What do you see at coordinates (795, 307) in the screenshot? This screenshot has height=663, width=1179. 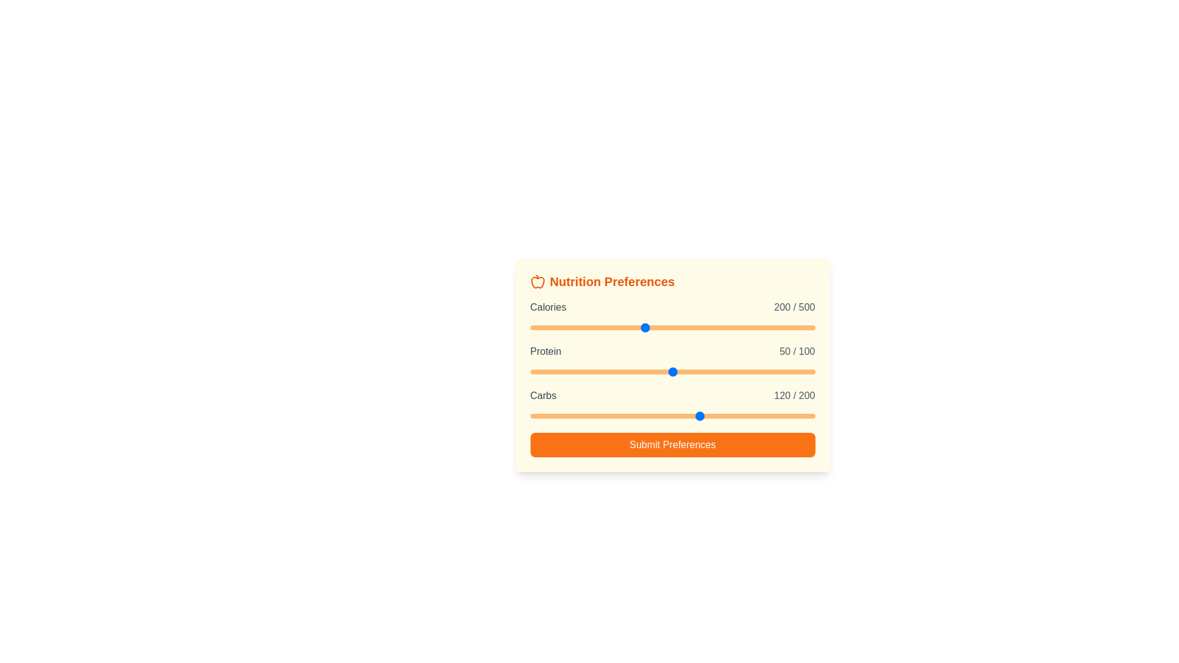 I see `the Text Label displaying '200 / 500', which is styled in gray font and positioned to the right of the 'Calories' label in the 'Nutrition Preferences' section` at bounding box center [795, 307].